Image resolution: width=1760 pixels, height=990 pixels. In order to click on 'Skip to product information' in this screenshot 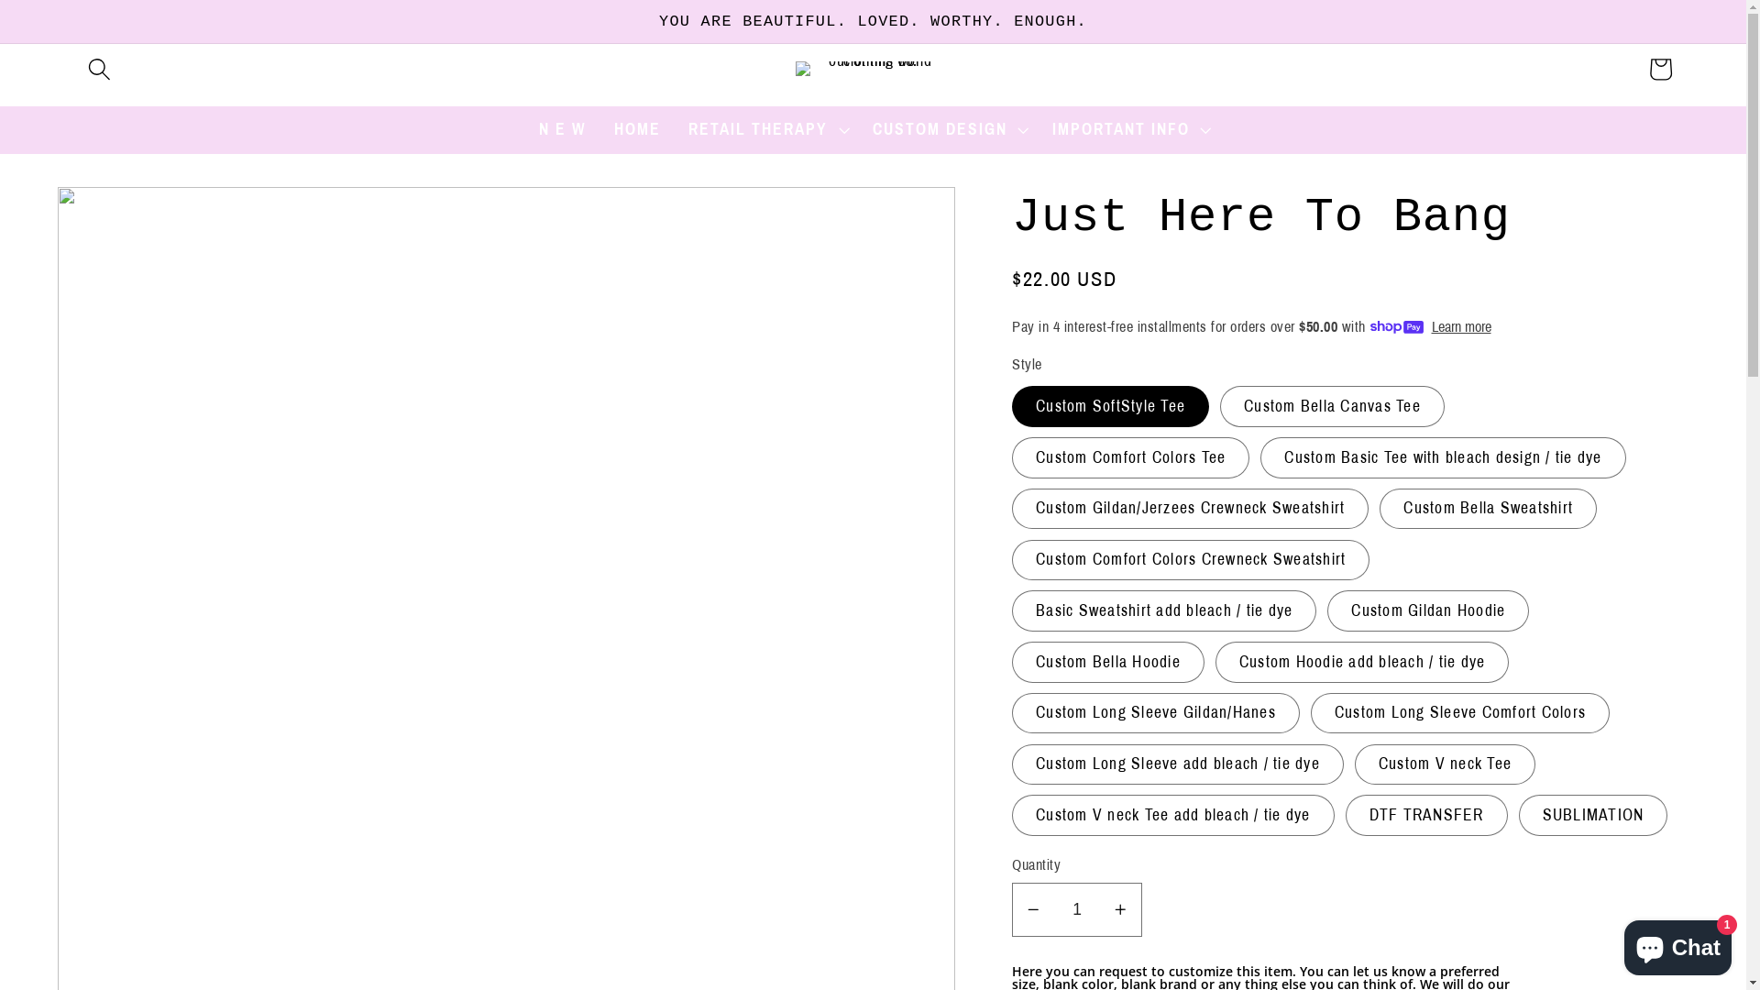, I will do `click(126, 211)`.